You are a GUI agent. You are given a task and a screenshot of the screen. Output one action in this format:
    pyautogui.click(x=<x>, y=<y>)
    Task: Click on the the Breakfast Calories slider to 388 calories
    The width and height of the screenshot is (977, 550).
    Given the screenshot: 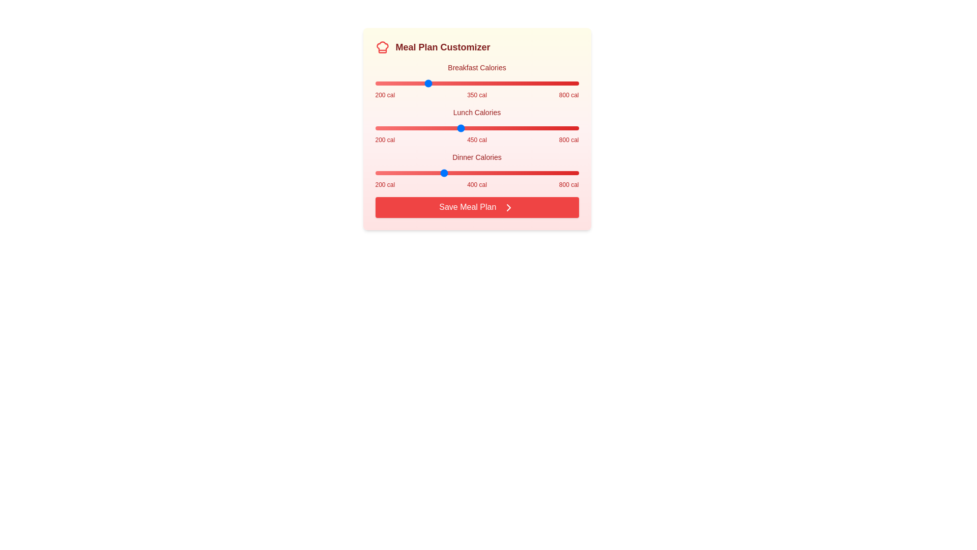 What is the action you would take?
    pyautogui.click(x=439, y=83)
    